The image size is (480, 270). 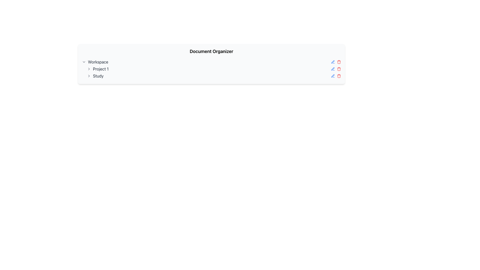 What do you see at coordinates (336, 76) in the screenshot?
I see `the group of action icons (Edit and Delete) located at the far-right end in the row labeled 'Study'` at bounding box center [336, 76].